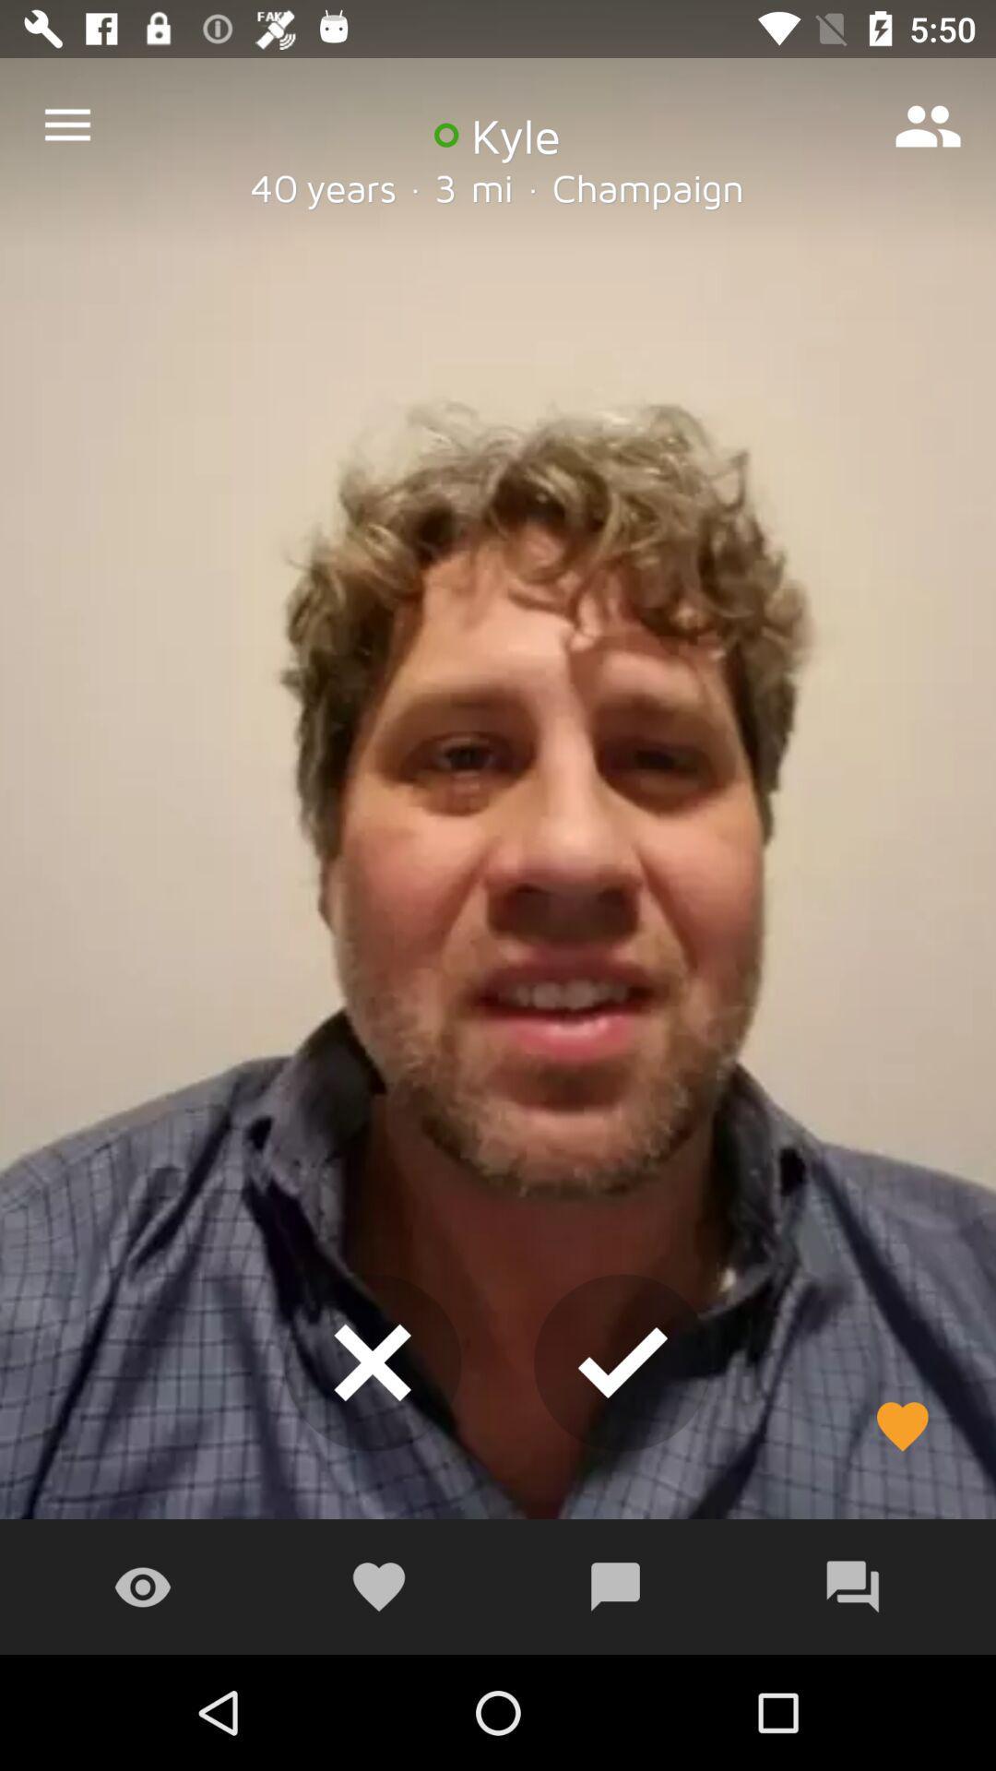  What do you see at coordinates (373, 1362) in the screenshot?
I see `the close icon` at bounding box center [373, 1362].